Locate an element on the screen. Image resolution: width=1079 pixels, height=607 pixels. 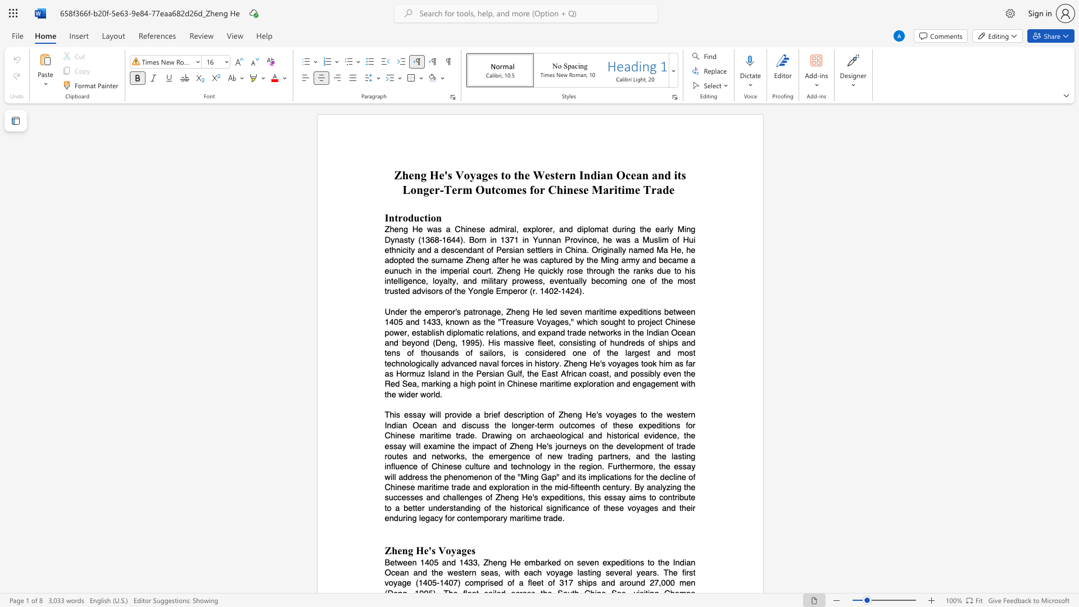
the subset text "s Voya" within the text "Zheng He" is located at coordinates (431, 550).